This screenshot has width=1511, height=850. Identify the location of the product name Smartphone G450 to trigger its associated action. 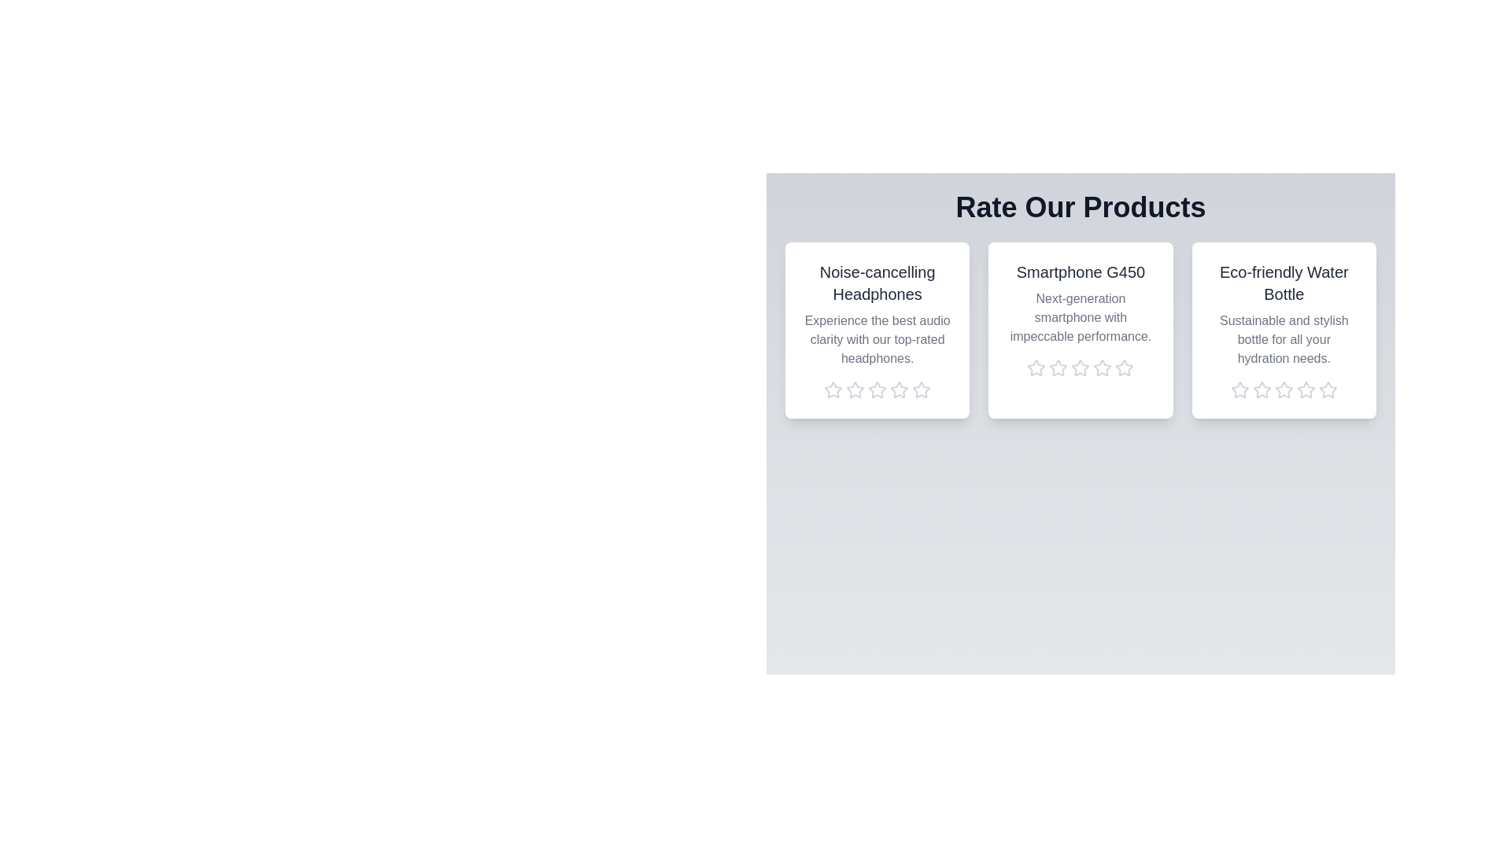
(1080, 272).